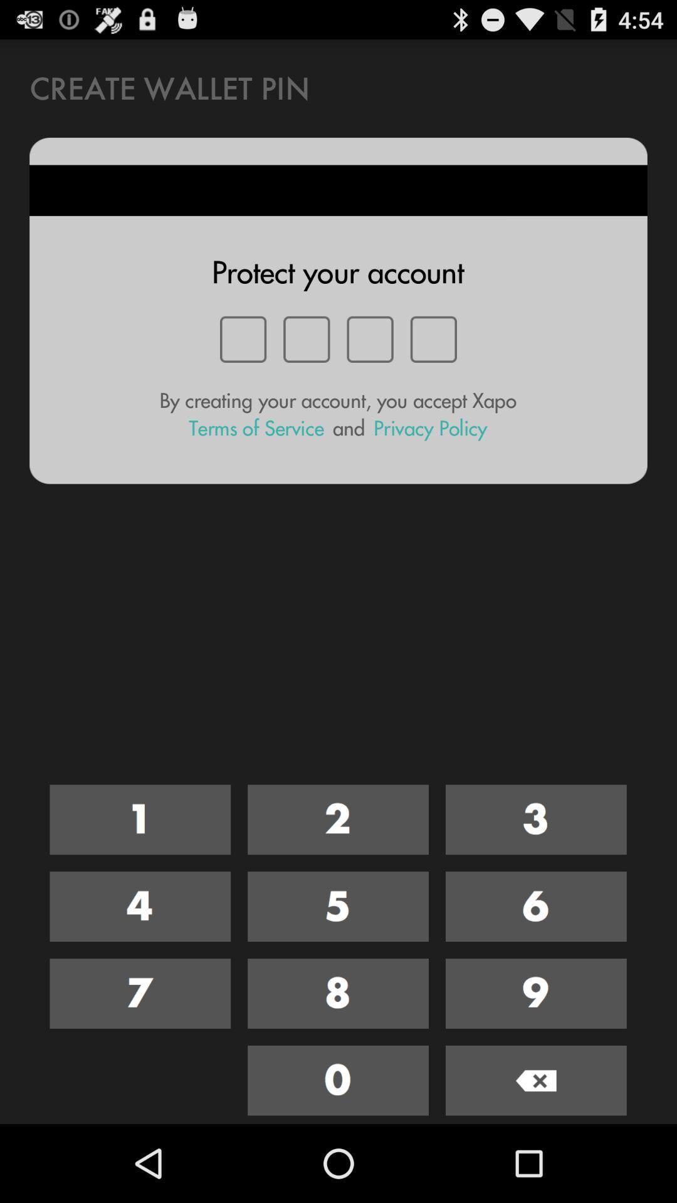 This screenshot has width=677, height=1203. Describe the element at coordinates (536, 820) in the screenshot. I see `number 3` at that location.